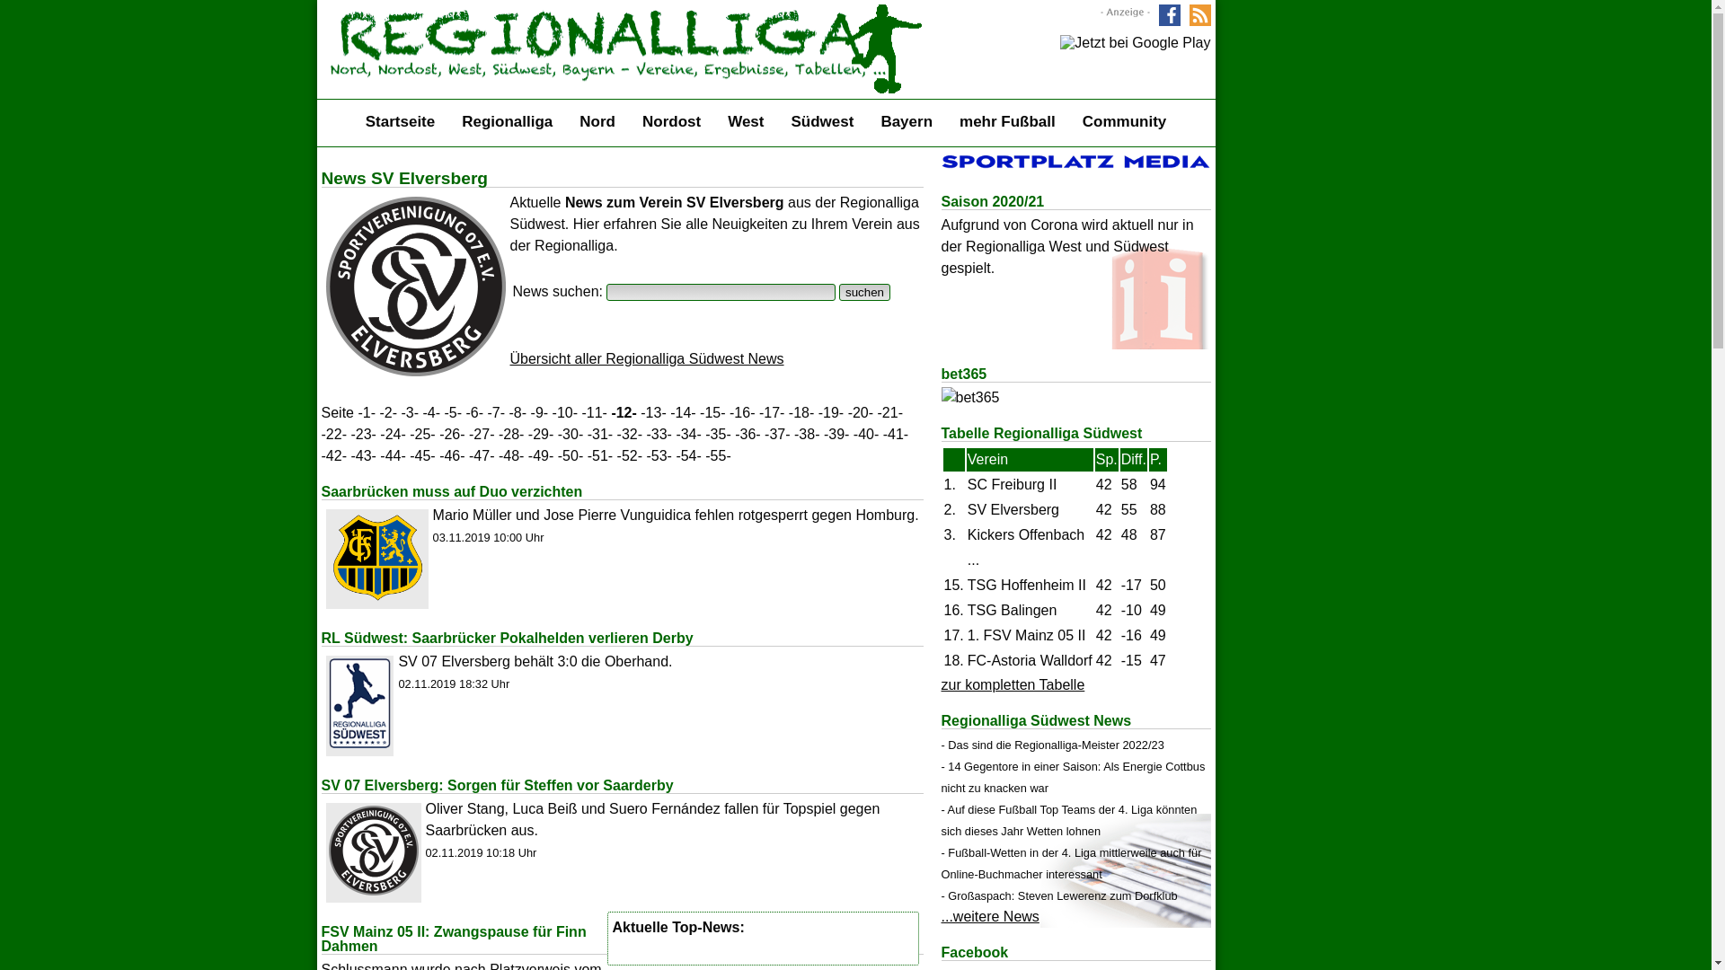 This screenshot has height=970, width=1725. I want to click on '-26-', so click(439, 434).